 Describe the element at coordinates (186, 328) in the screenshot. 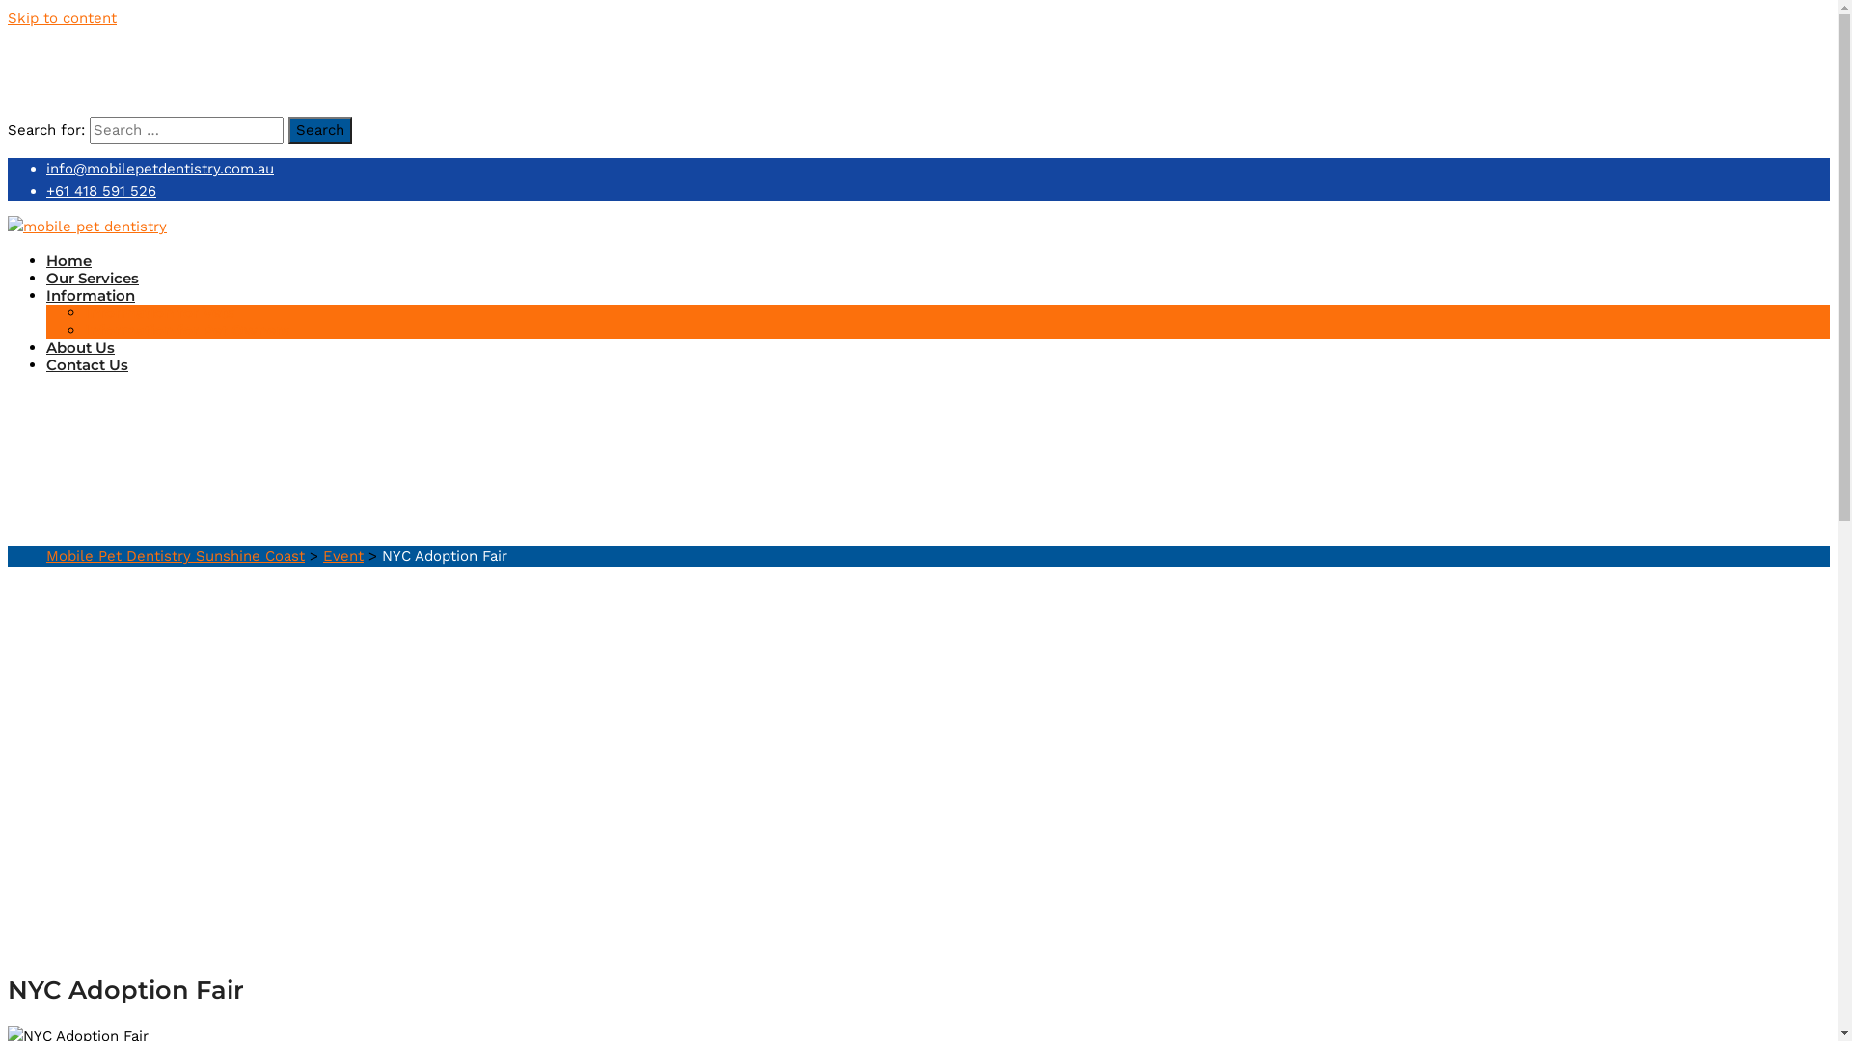

I see `'Information for Pet Owners'` at that location.